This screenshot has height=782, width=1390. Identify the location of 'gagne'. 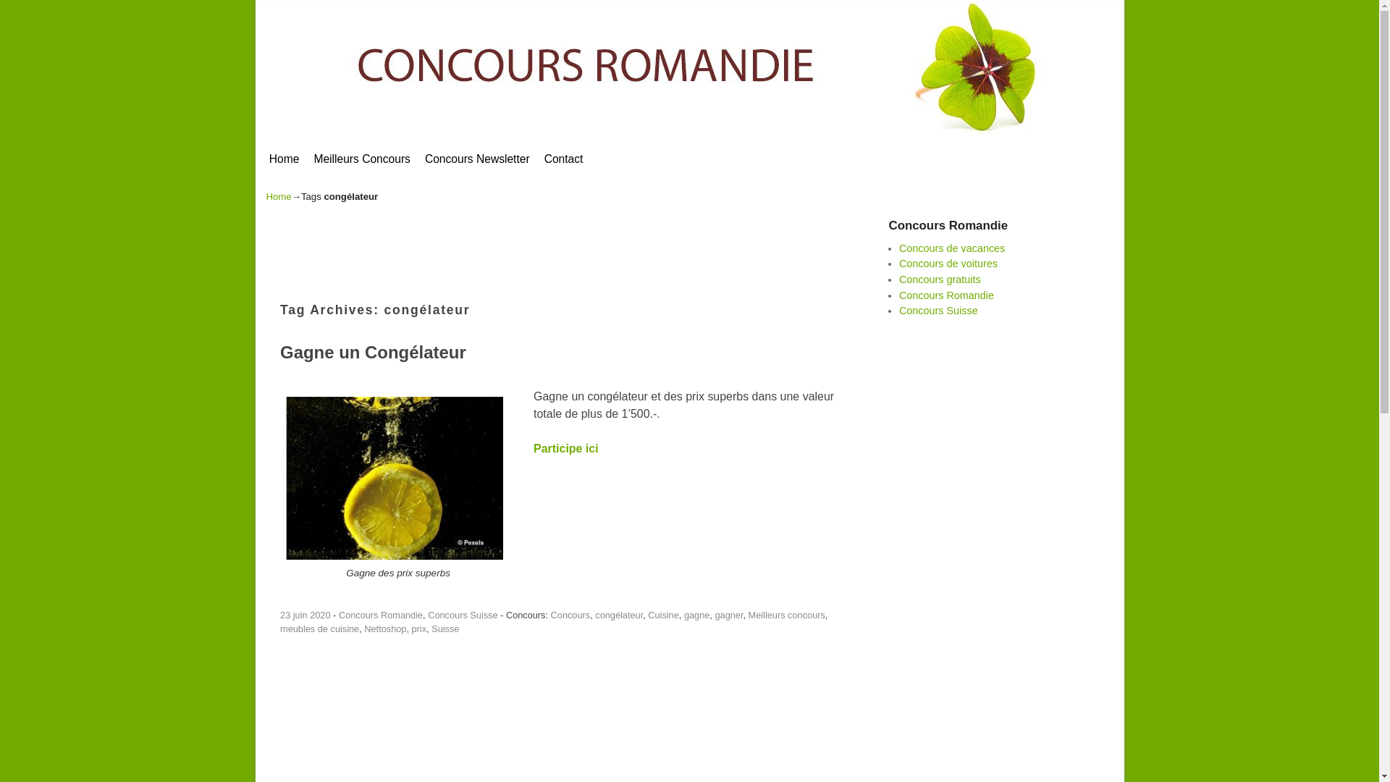
(696, 615).